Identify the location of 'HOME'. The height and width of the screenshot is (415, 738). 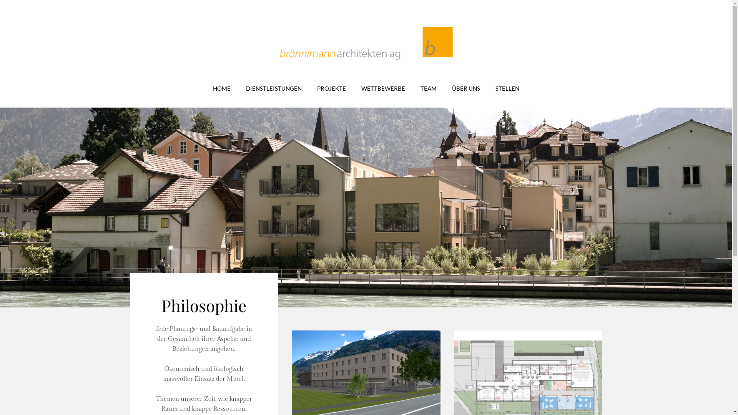
(221, 88).